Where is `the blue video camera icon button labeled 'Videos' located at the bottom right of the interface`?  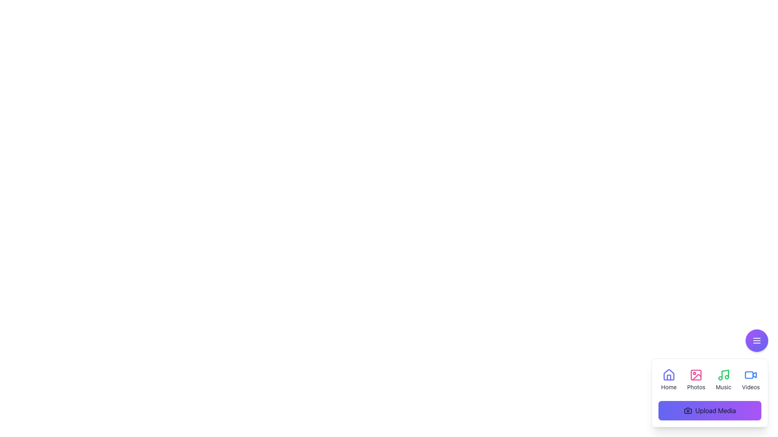 the blue video camera icon button labeled 'Videos' located at the bottom right of the interface is located at coordinates (750, 380).